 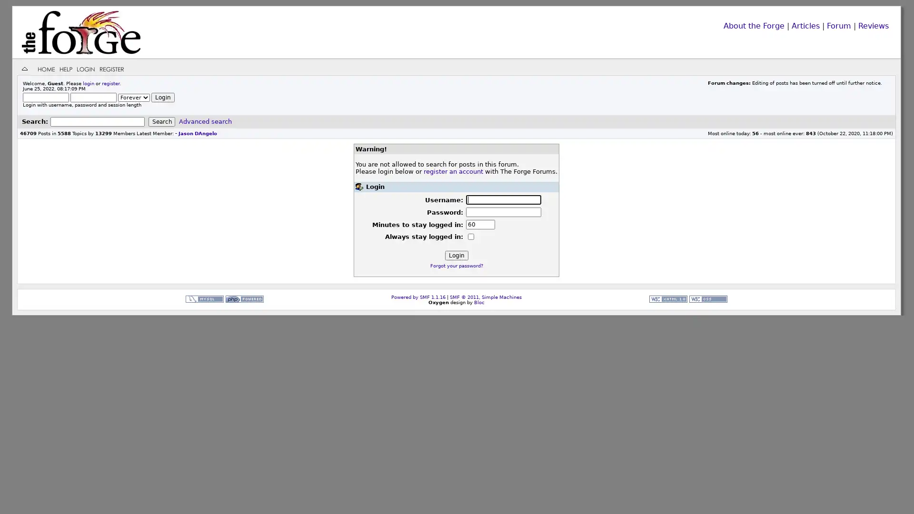 What do you see at coordinates (163, 97) in the screenshot?
I see `Login` at bounding box center [163, 97].